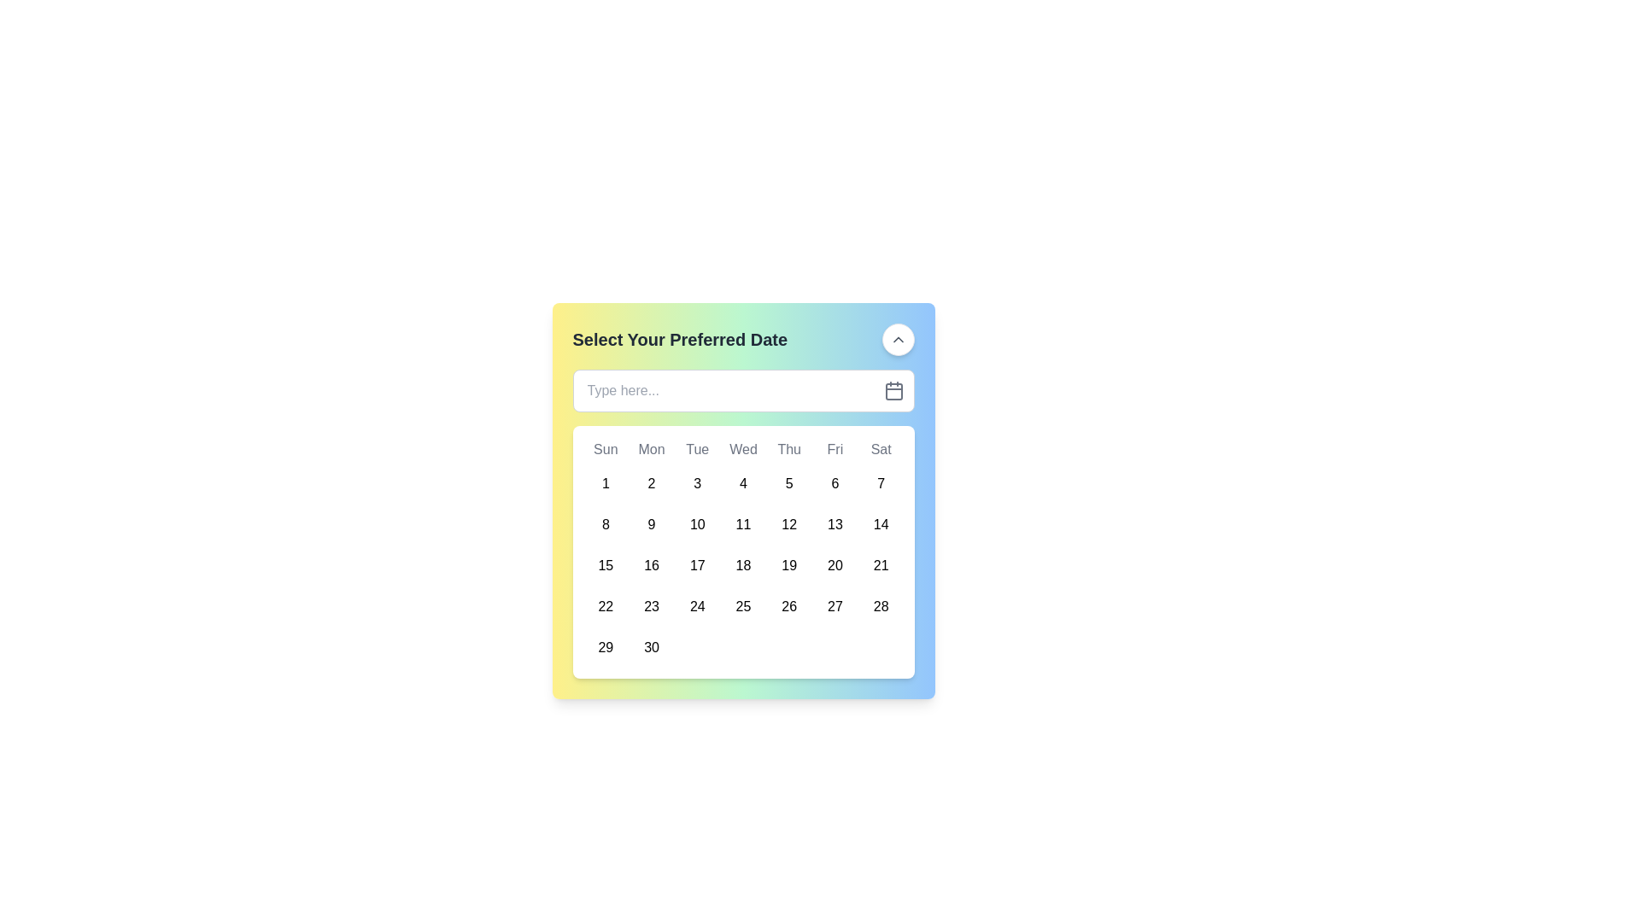  I want to click on the static text element reading 'Sat', which is styled with a medium font in gray color and located in the upper-right corner of the weekly row, so click(881, 449).